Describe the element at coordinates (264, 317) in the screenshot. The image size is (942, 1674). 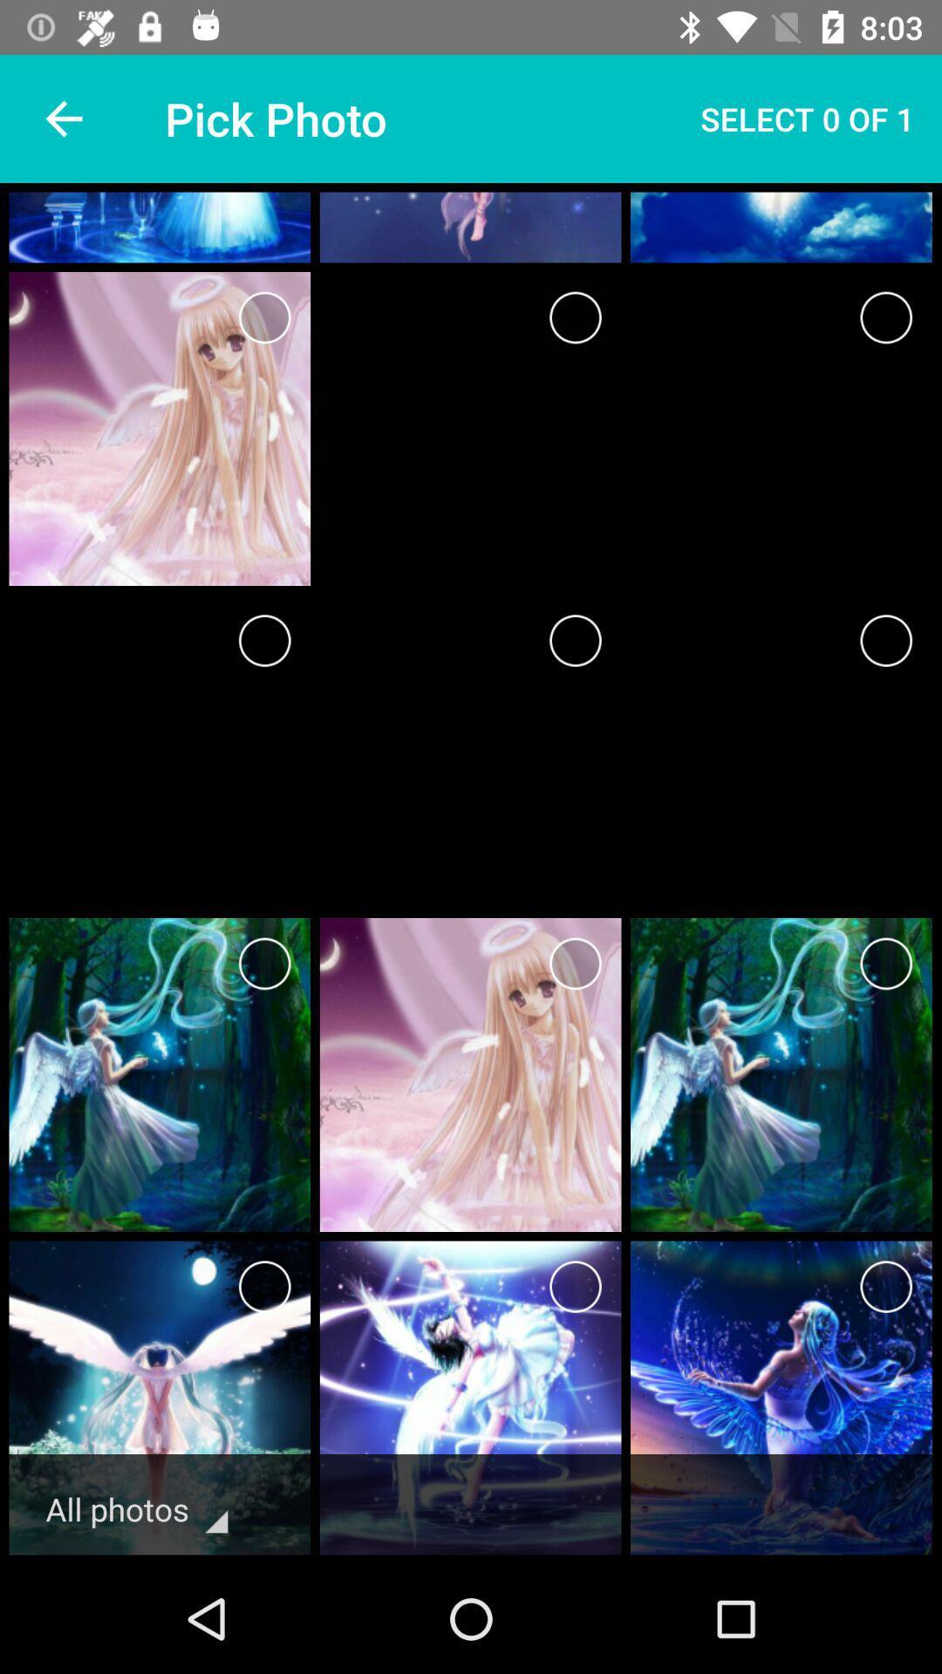
I see `click photo page` at that location.